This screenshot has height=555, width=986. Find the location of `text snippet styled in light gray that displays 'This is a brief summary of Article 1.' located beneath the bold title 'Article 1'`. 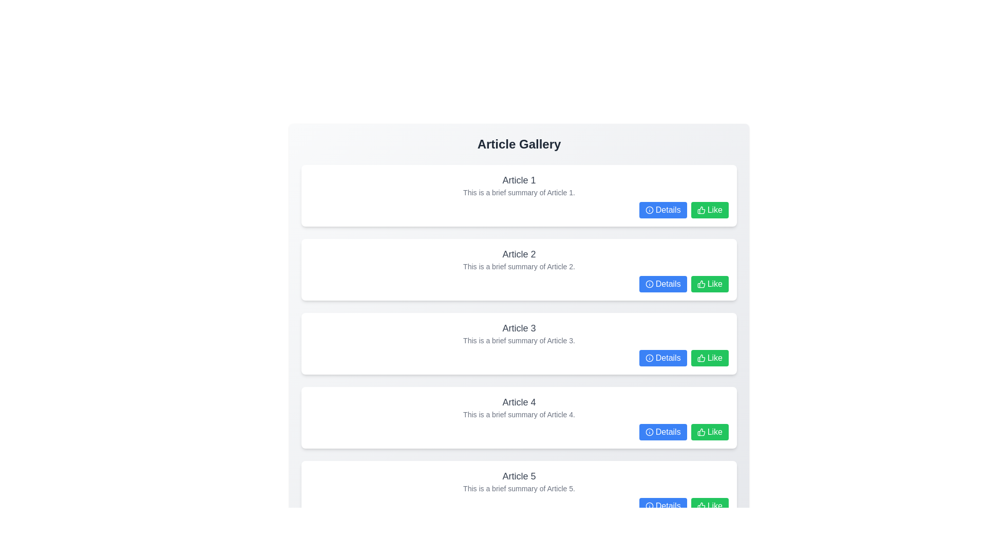

text snippet styled in light gray that displays 'This is a brief summary of Article 1.' located beneath the bold title 'Article 1' is located at coordinates (519, 192).